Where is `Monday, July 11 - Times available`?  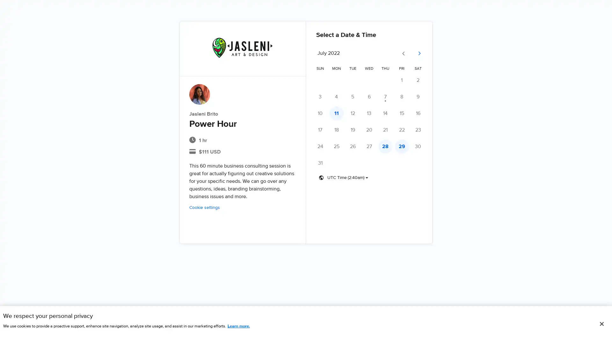 Monday, July 11 - Times available is located at coordinates (336, 113).